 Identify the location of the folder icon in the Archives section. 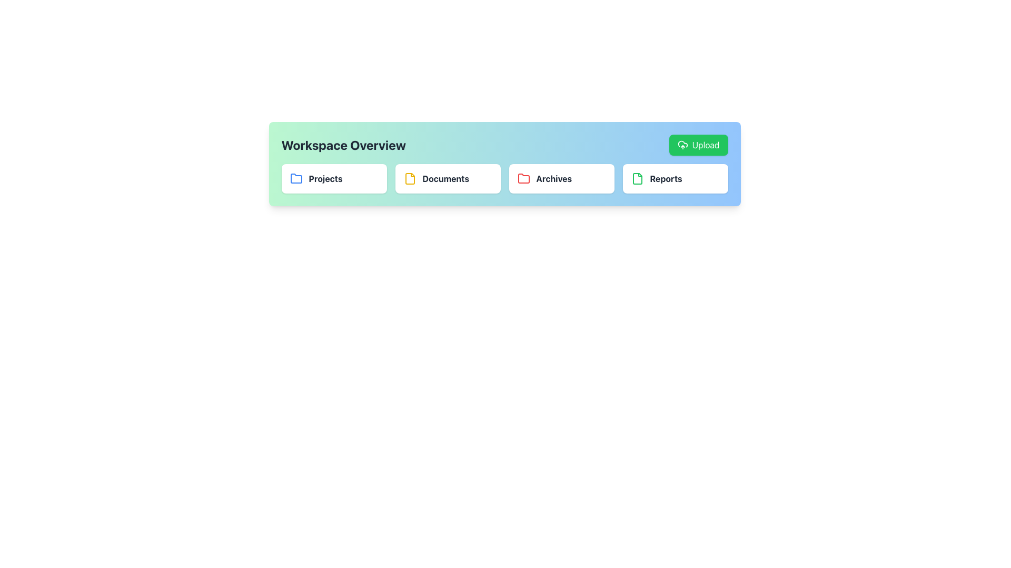
(523, 178).